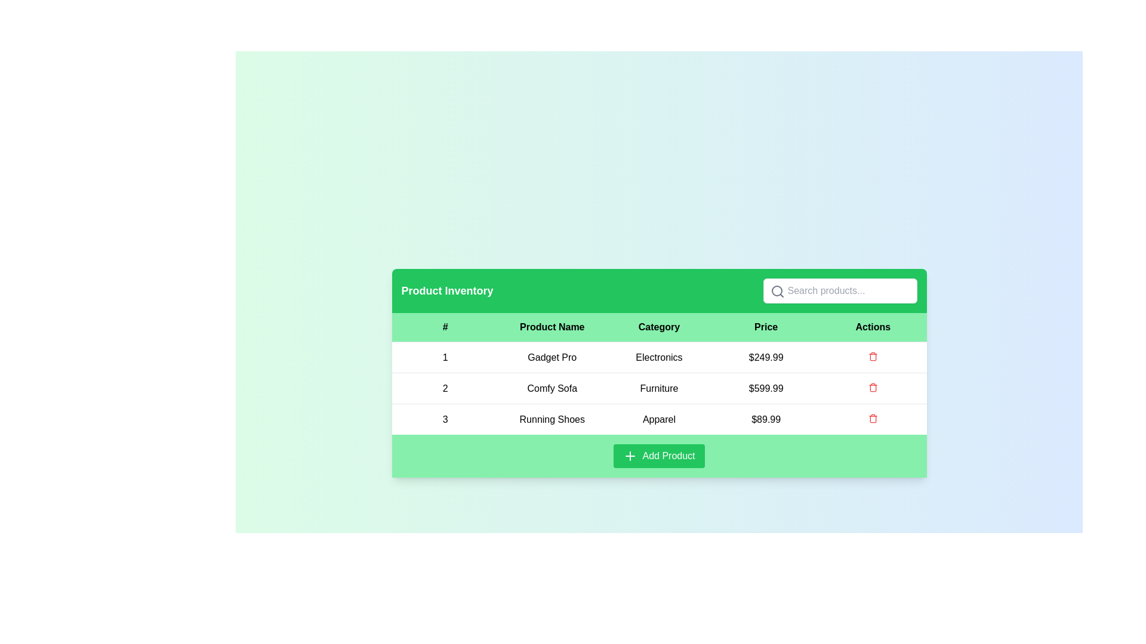 Image resolution: width=1146 pixels, height=644 pixels. I want to click on the Text Label that identifies the product category 'Gadget Pro', located in the third column of the first data row, adjacent to 'Gadget Pro' on the left and '$249.99' on the right, so click(658, 357).